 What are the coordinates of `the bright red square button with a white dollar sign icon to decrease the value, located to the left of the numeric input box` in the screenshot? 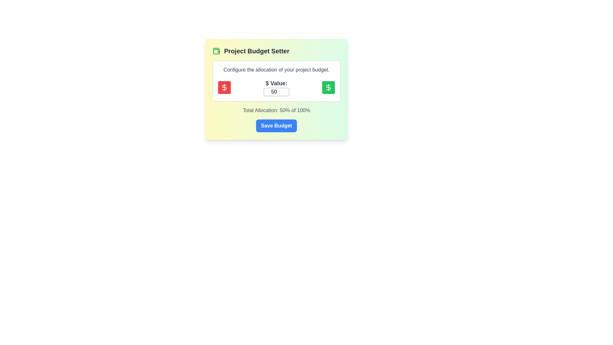 It's located at (224, 87).